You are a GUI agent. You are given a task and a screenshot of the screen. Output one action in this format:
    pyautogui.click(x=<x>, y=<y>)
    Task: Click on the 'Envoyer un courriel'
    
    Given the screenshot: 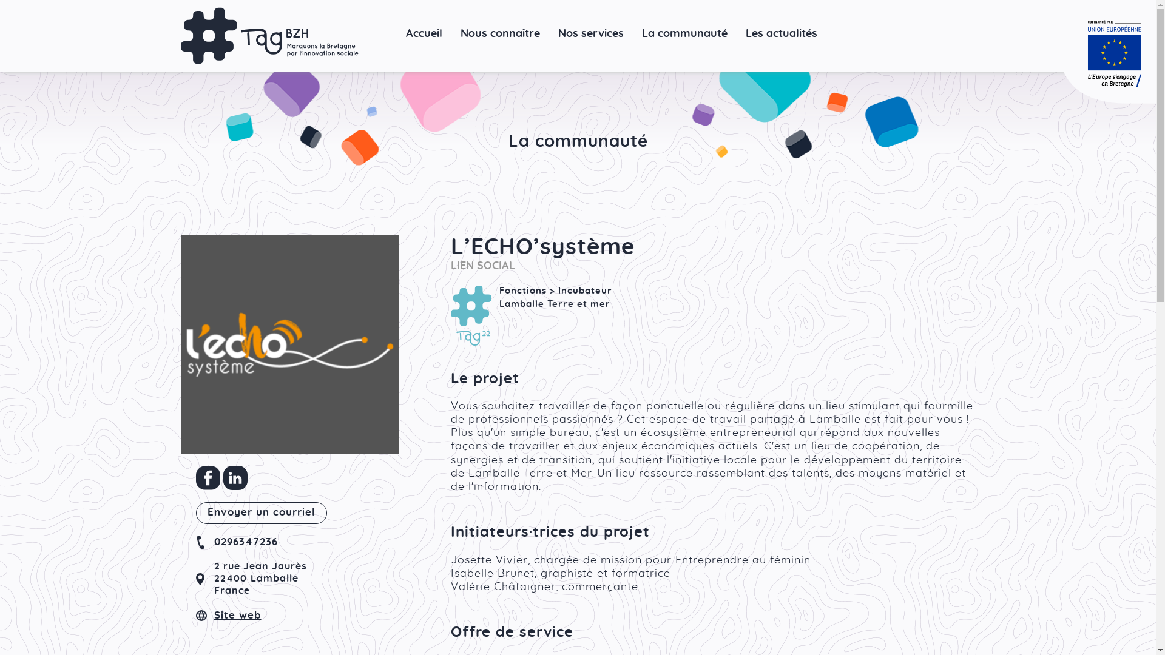 What is the action you would take?
    pyautogui.click(x=260, y=512)
    